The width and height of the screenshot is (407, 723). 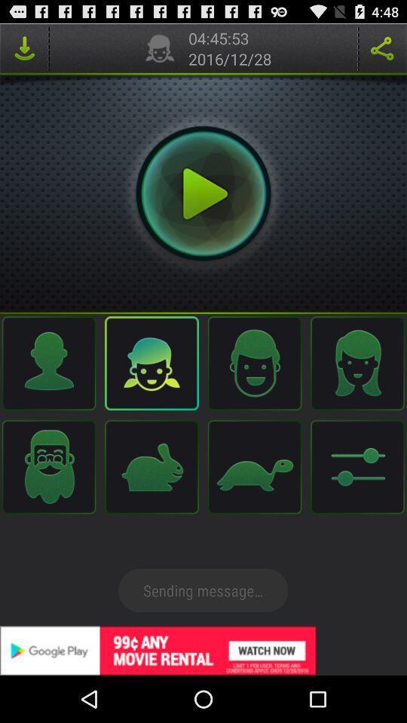 I want to click on downlode, so click(x=23, y=48).